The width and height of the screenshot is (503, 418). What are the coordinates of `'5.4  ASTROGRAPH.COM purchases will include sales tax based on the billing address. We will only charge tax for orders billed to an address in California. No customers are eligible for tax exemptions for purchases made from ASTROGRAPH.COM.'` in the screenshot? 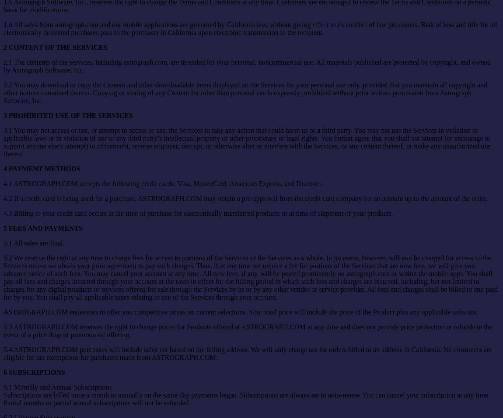 It's located at (248, 352).